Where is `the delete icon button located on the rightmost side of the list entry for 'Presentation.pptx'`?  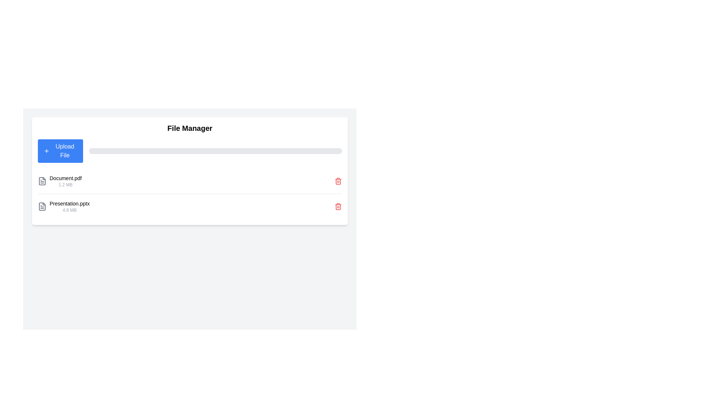
the delete icon button located on the rightmost side of the list entry for 'Presentation.pptx' is located at coordinates (338, 207).